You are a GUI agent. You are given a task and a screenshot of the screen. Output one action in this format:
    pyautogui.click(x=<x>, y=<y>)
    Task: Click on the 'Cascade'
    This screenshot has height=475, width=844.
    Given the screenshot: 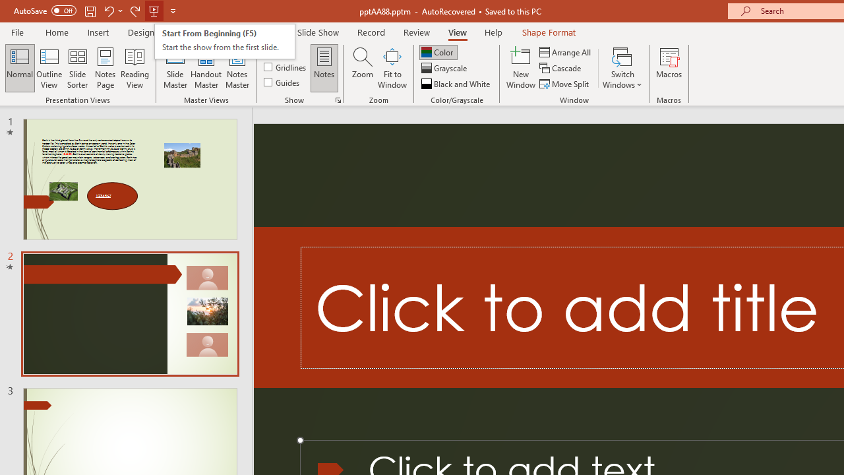 What is the action you would take?
    pyautogui.click(x=561, y=68)
    